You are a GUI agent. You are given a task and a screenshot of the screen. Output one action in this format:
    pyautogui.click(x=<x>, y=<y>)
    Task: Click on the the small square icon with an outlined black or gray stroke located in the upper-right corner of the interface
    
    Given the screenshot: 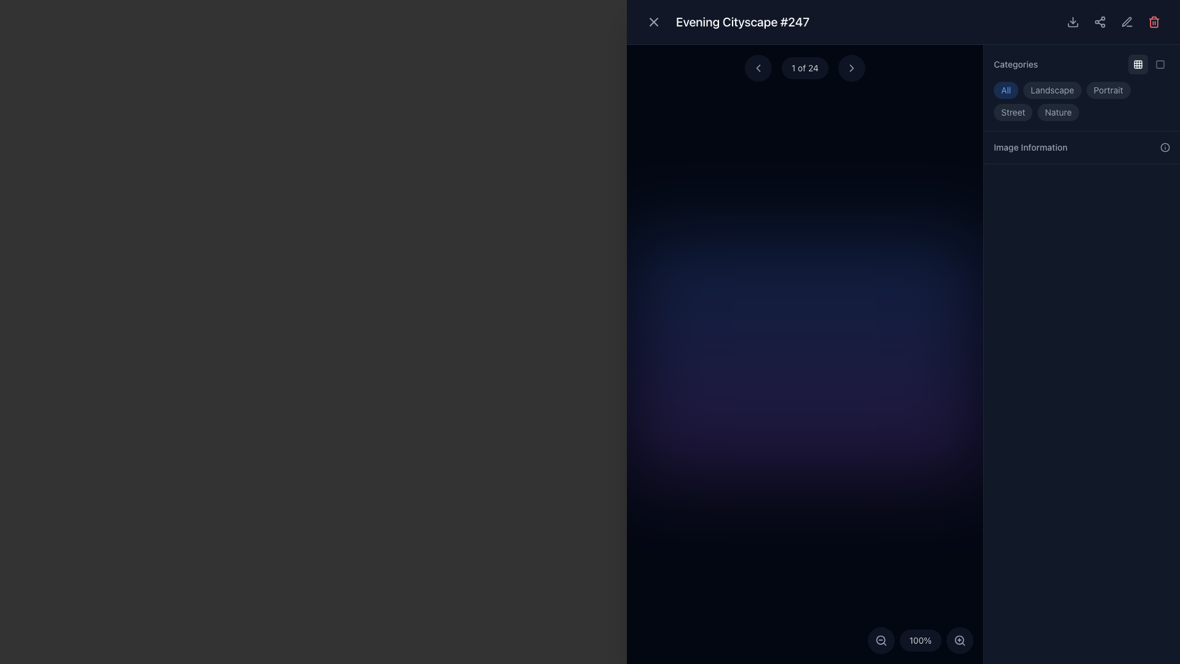 What is the action you would take?
    pyautogui.click(x=1159, y=64)
    